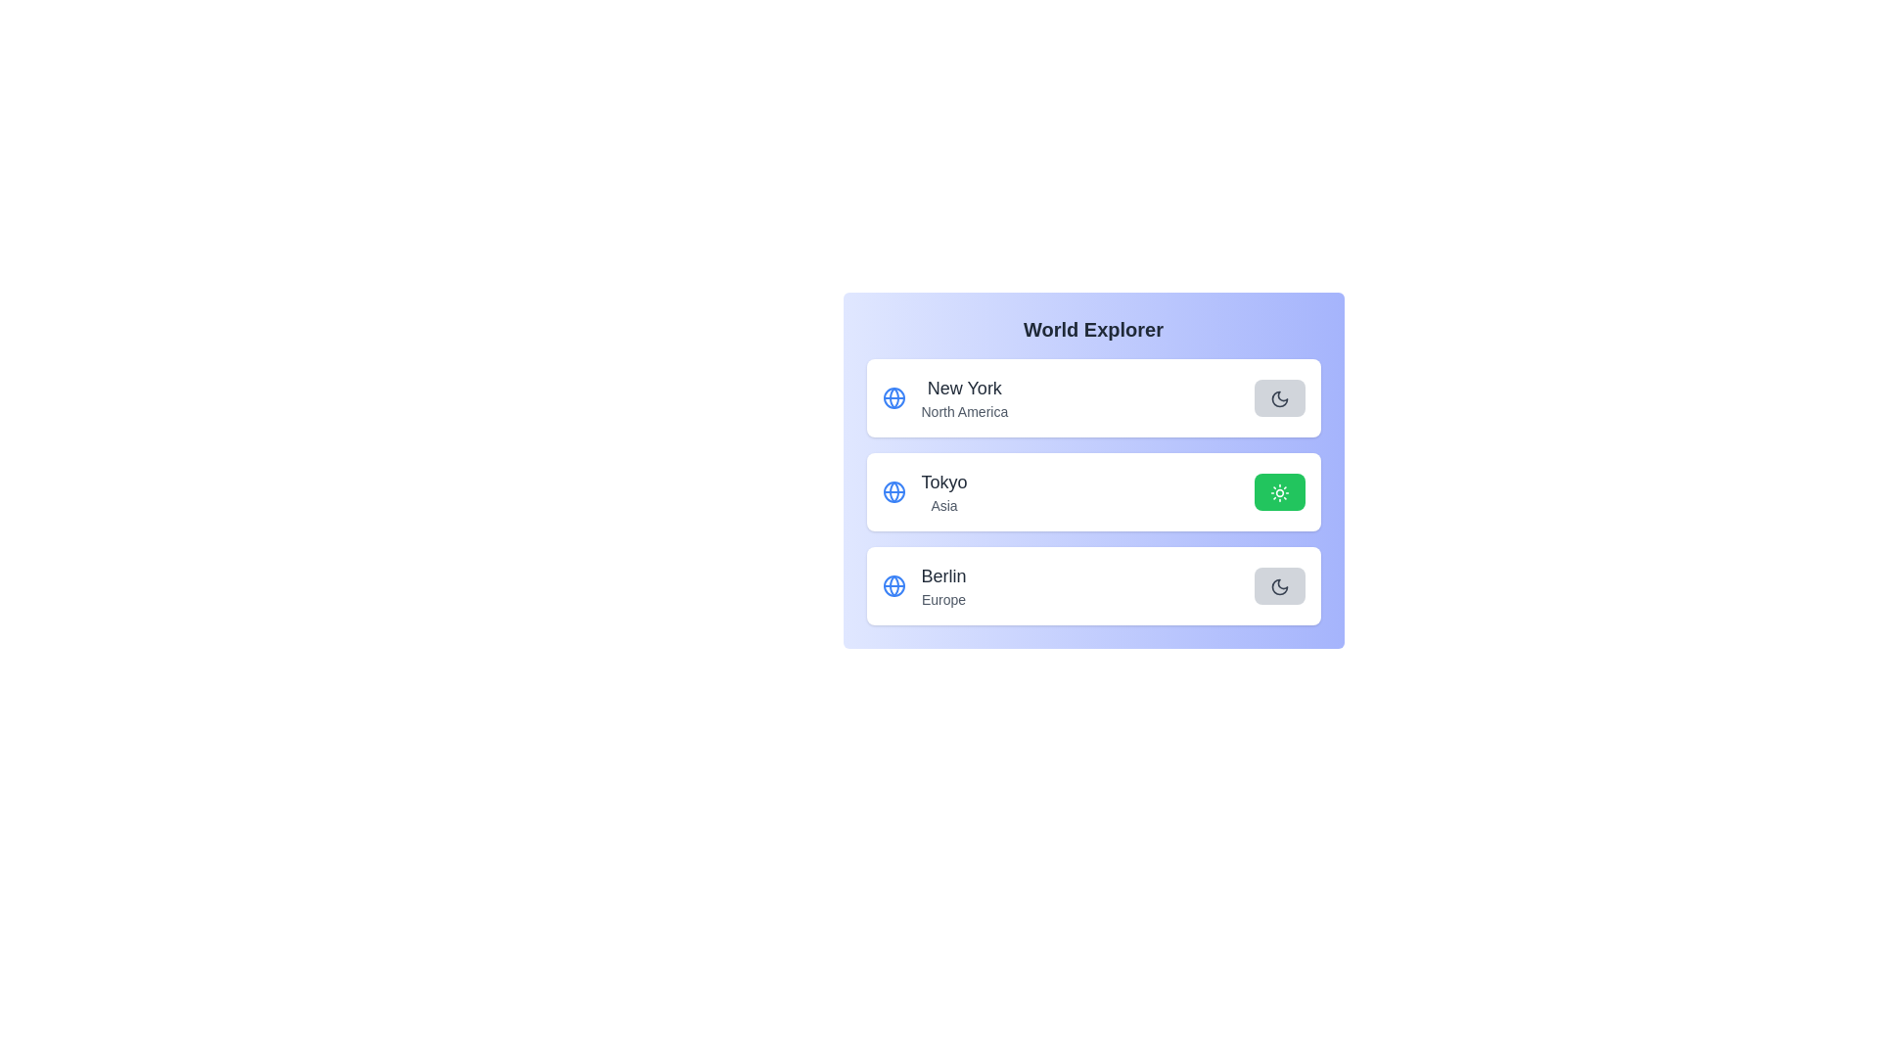  What do you see at coordinates (1092, 397) in the screenshot?
I see `the list item corresponding to New York` at bounding box center [1092, 397].